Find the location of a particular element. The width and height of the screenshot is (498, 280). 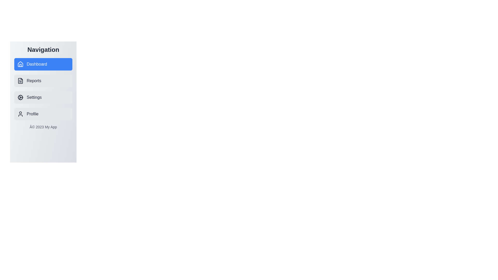

the first button in the vertical list of navigation options on the left side of the interface is located at coordinates (43, 64).